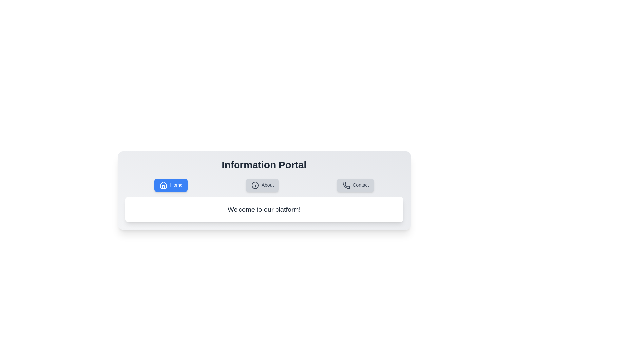  Describe the element at coordinates (264, 209) in the screenshot. I see `the welcoming message static text element located centrally below the navigation tabs (Home, About, Contact)` at that location.